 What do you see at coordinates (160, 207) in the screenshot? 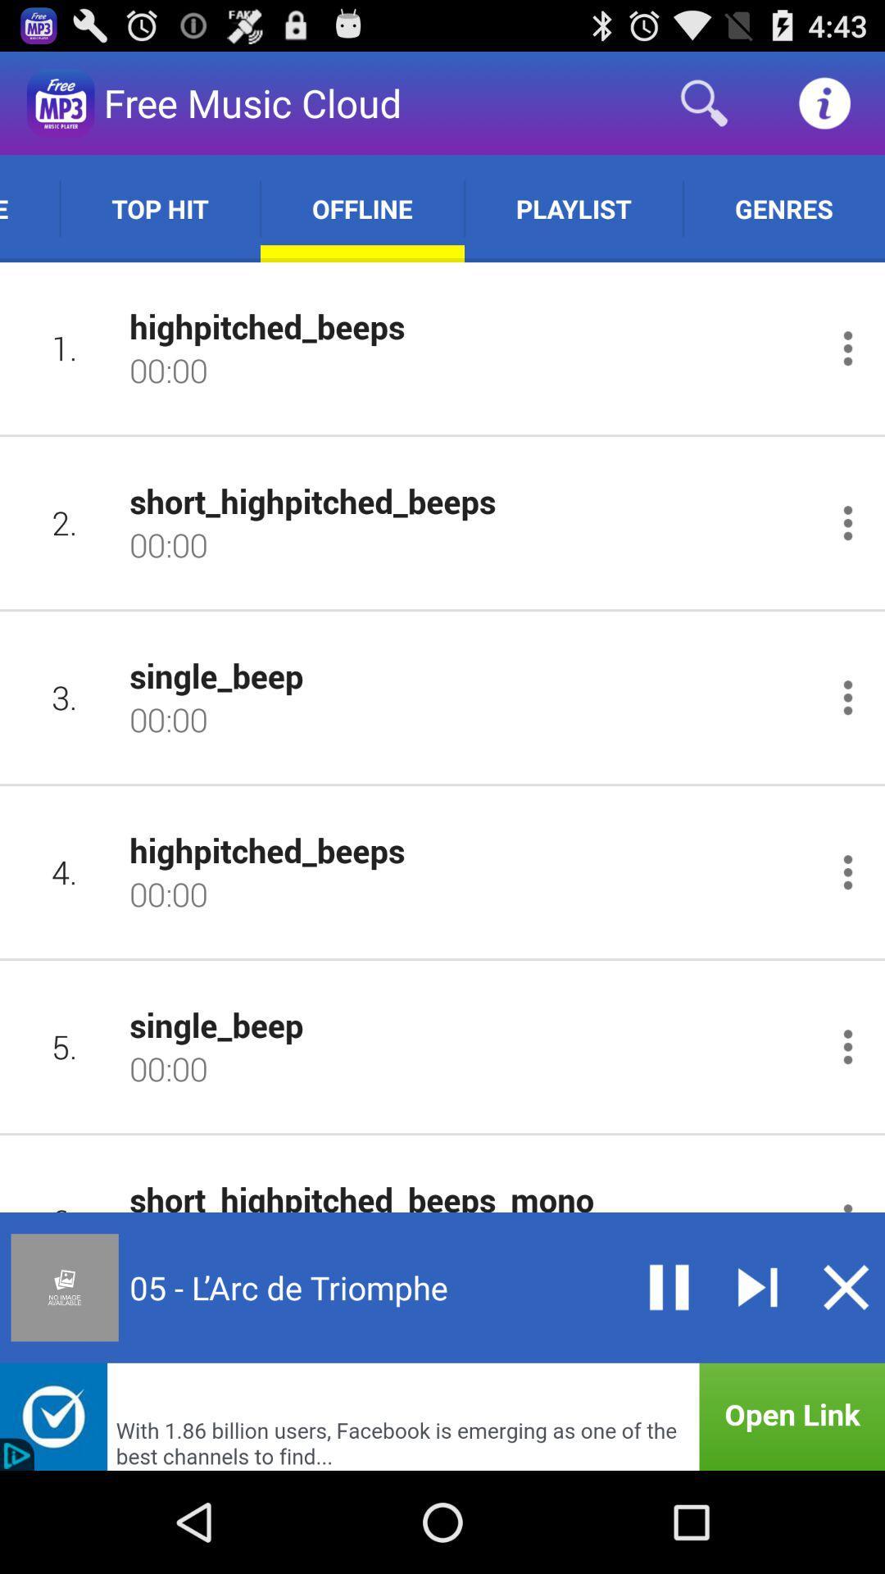
I see `top hit app` at bounding box center [160, 207].